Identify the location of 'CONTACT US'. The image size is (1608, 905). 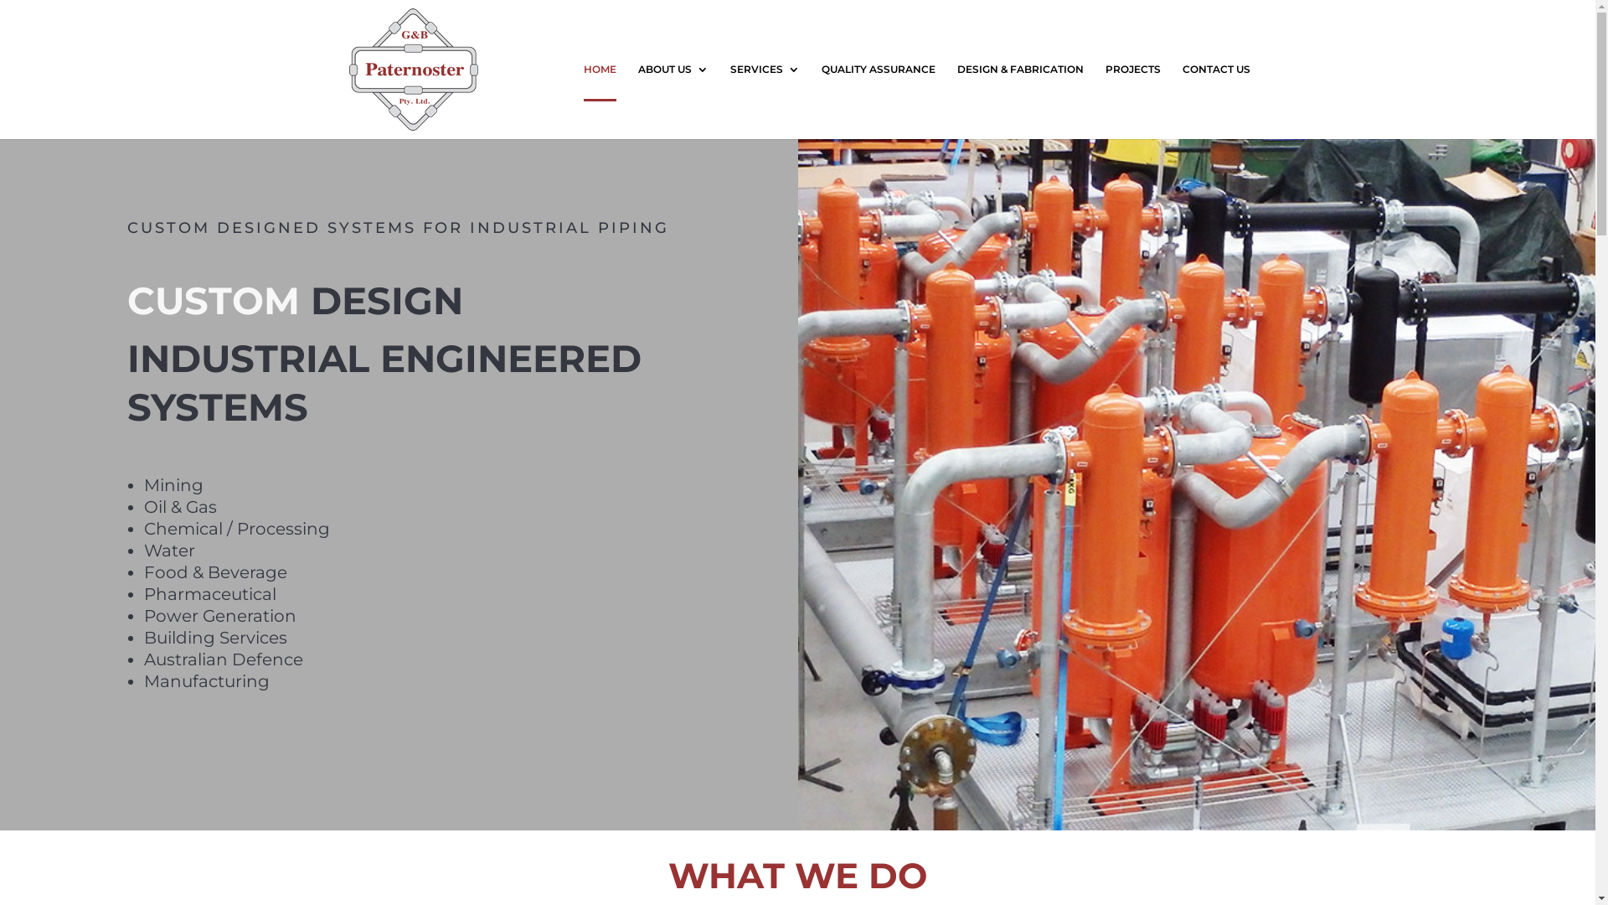
(1181, 101).